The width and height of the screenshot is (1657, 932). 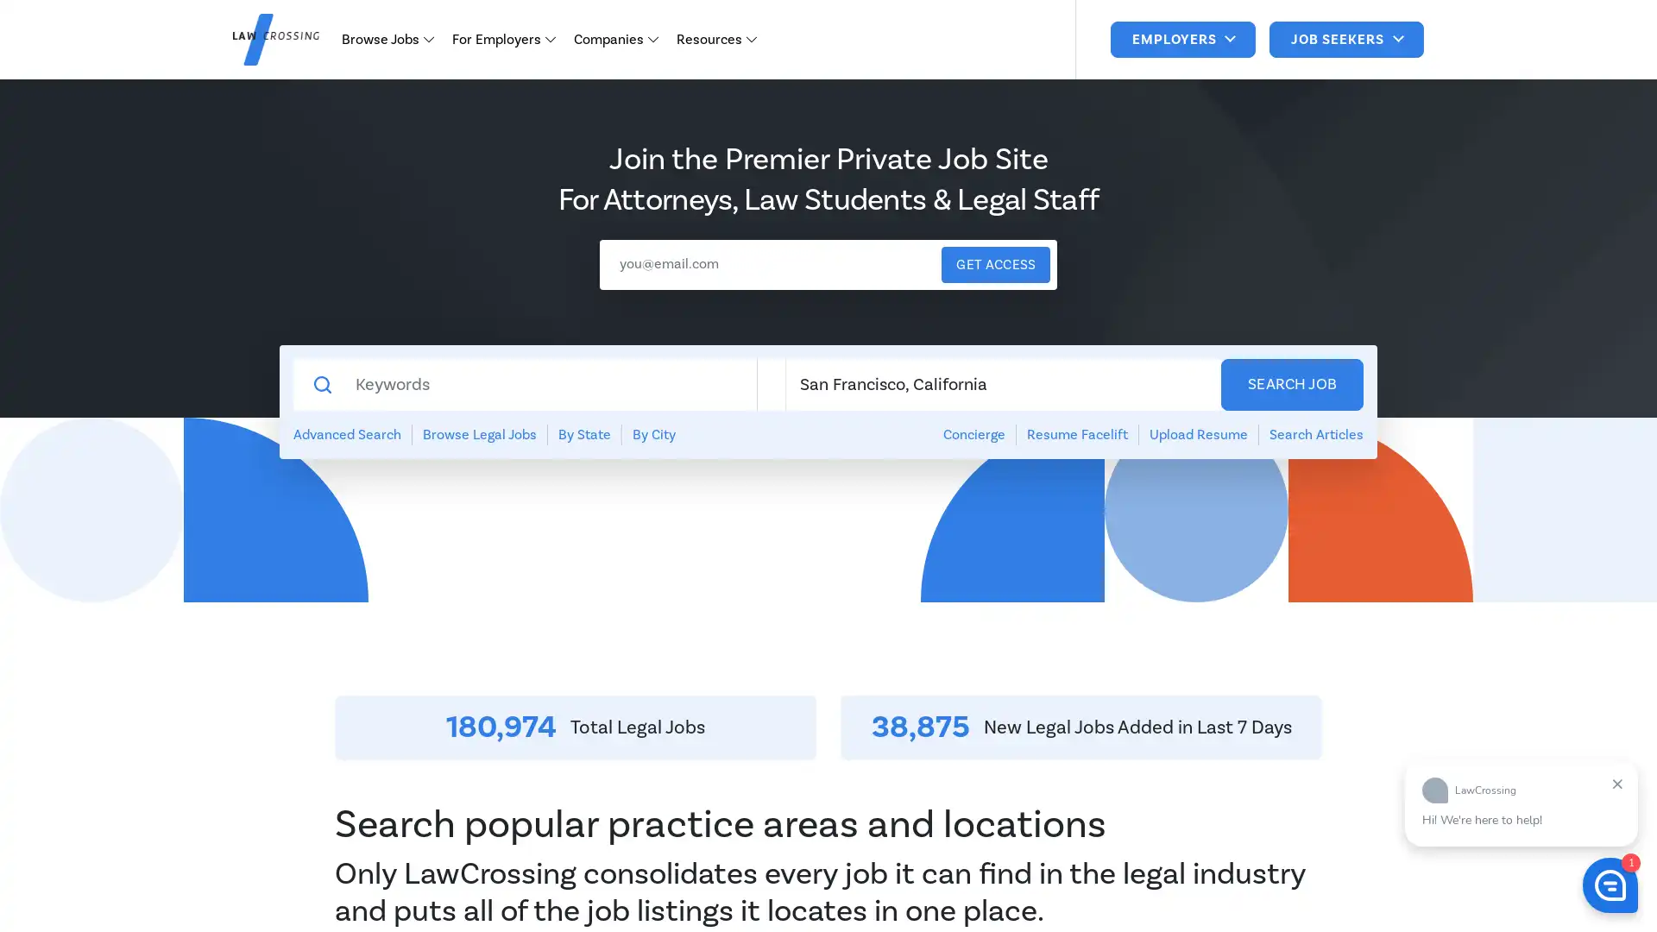 I want to click on Close Chat LawCrossing Hi! We're here to help! 1 Launch Front Chat, so click(x=1610, y=885).